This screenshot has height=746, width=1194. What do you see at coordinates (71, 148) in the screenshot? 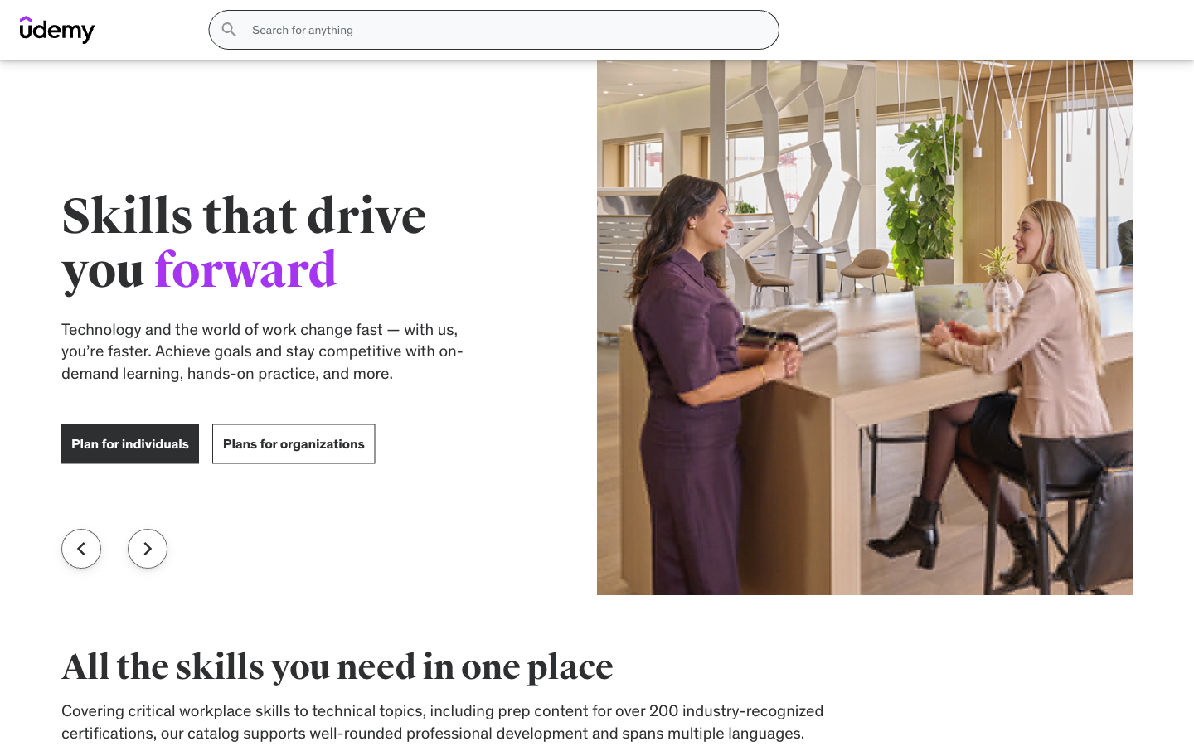
I see `main page` at bounding box center [71, 148].